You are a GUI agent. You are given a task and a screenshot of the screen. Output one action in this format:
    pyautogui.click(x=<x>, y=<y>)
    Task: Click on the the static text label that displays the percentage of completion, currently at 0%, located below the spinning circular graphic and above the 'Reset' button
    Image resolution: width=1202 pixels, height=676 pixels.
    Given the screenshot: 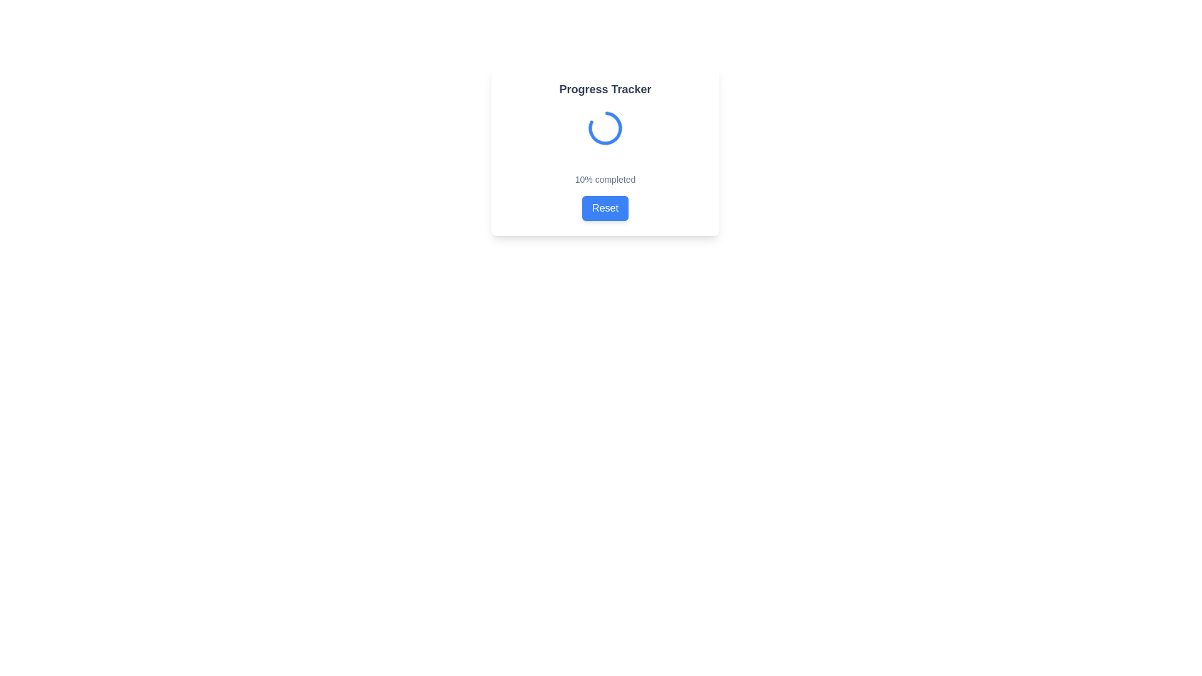 What is the action you would take?
    pyautogui.click(x=605, y=179)
    